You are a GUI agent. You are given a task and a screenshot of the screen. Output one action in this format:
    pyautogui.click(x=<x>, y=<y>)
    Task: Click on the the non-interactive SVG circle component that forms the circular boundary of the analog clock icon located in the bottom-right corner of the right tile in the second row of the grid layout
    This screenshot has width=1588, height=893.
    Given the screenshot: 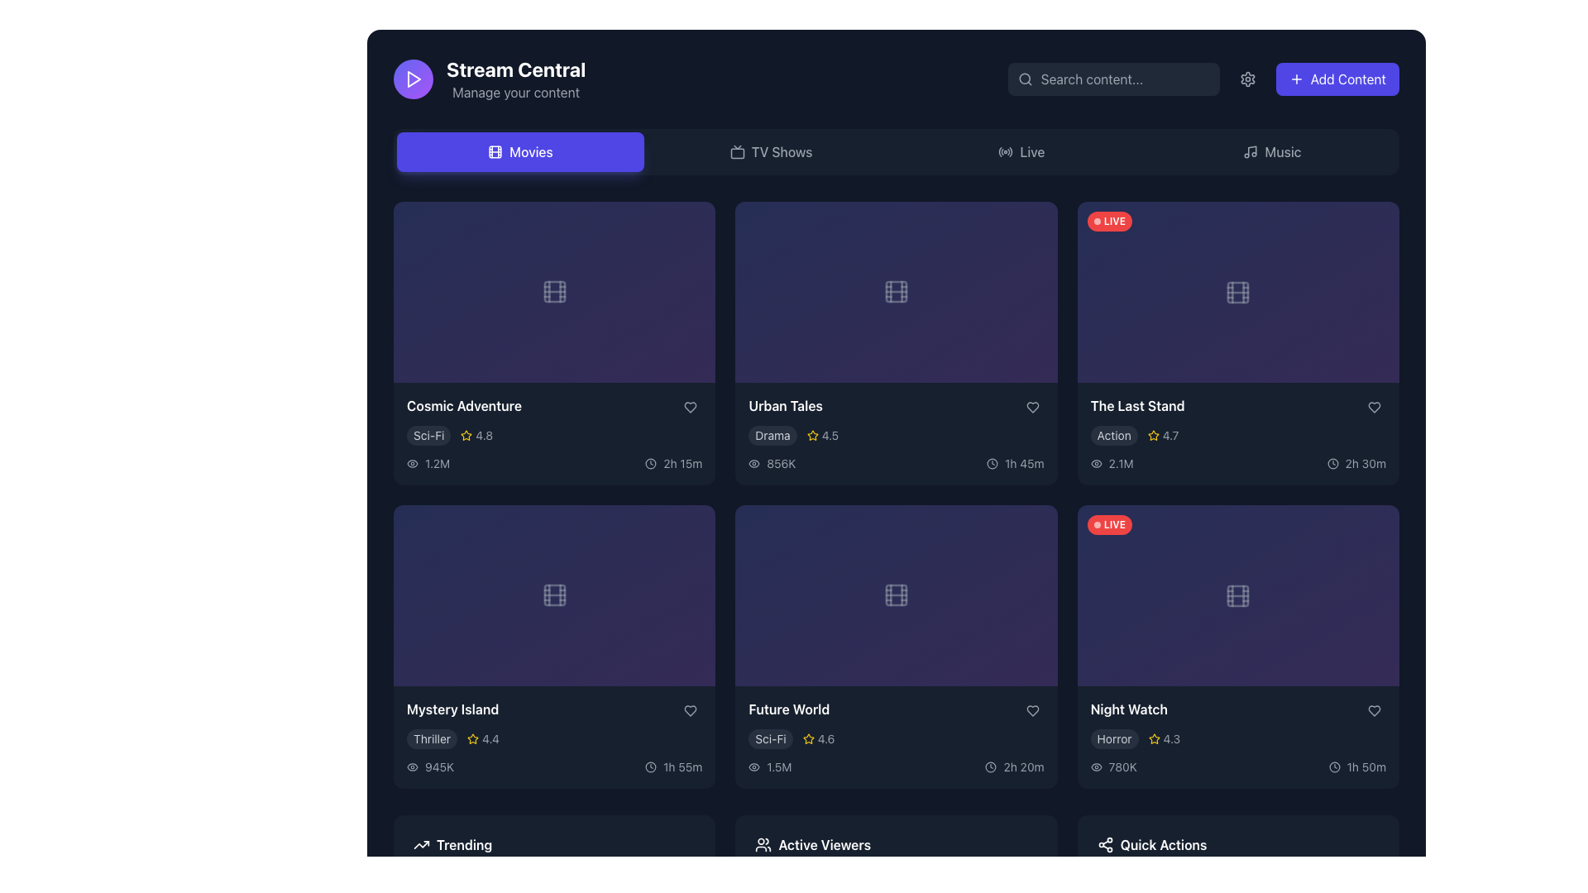 What is the action you would take?
    pyautogui.click(x=650, y=766)
    